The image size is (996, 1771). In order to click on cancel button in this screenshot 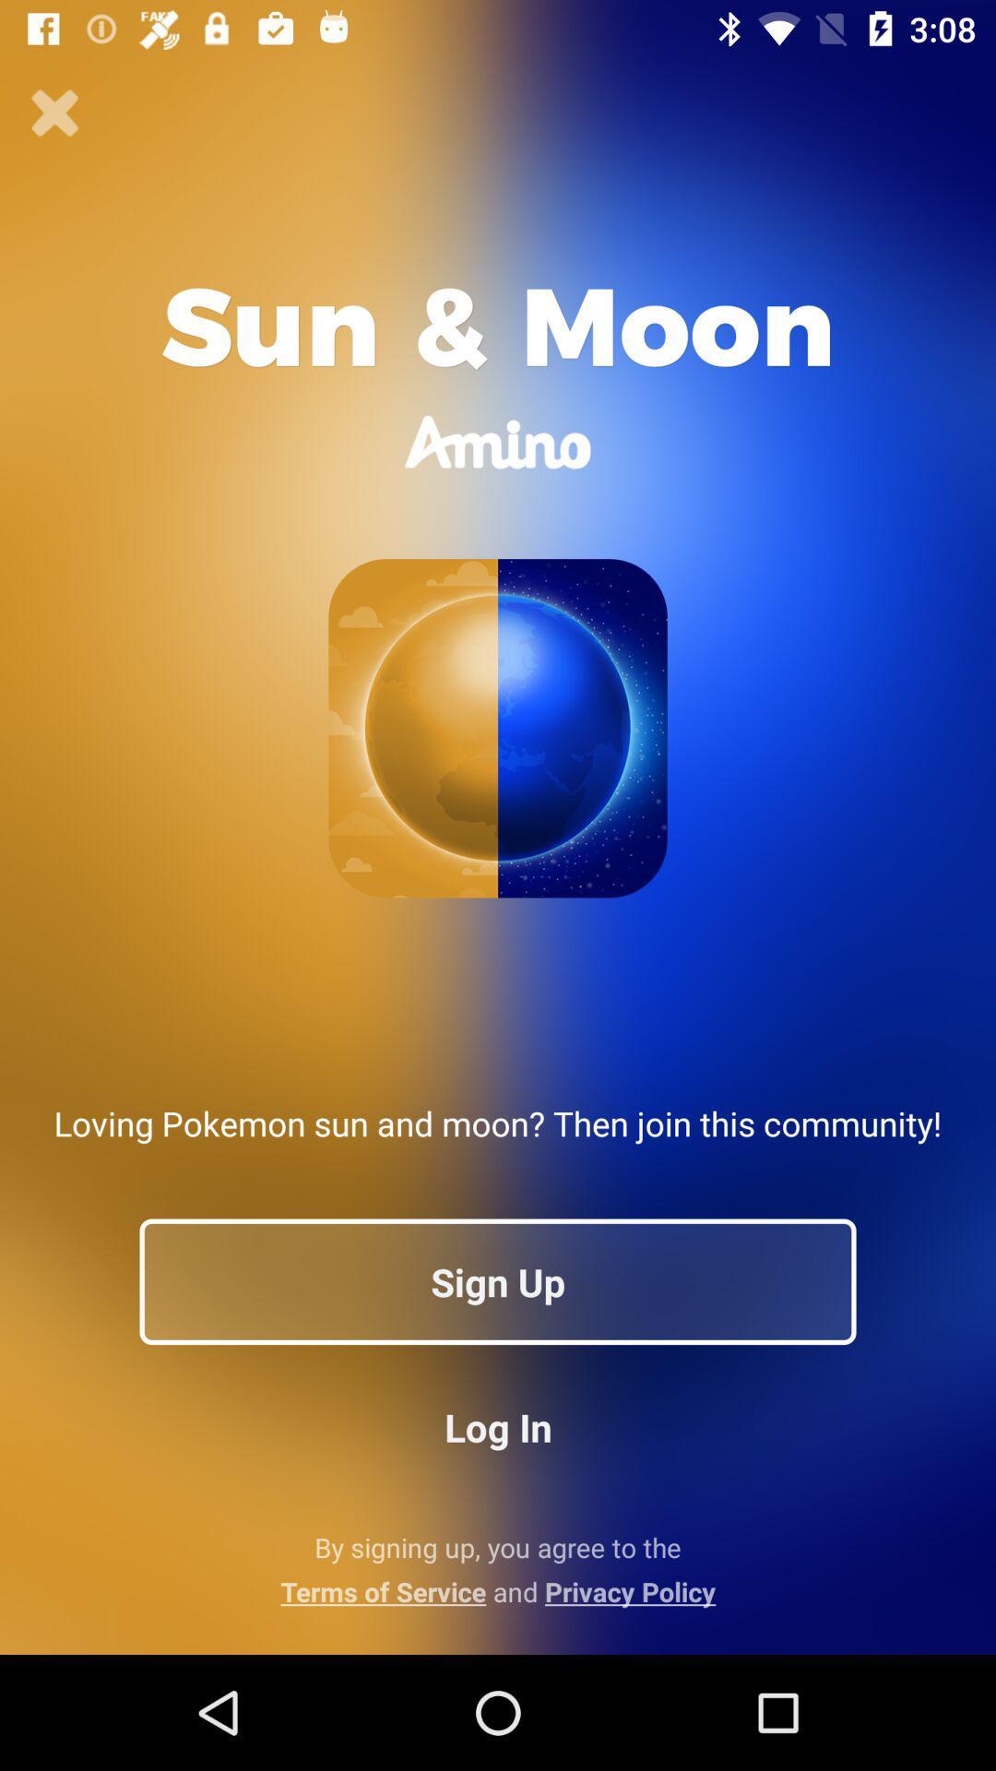, I will do `click(54, 113)`.